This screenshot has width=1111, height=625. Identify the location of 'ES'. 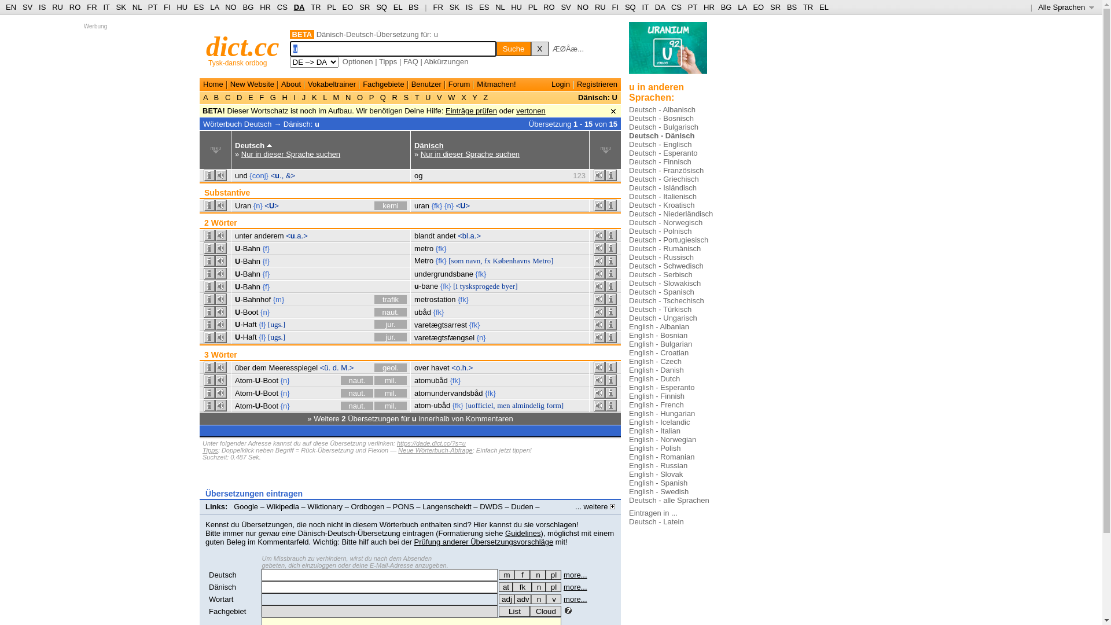
(484, 7).